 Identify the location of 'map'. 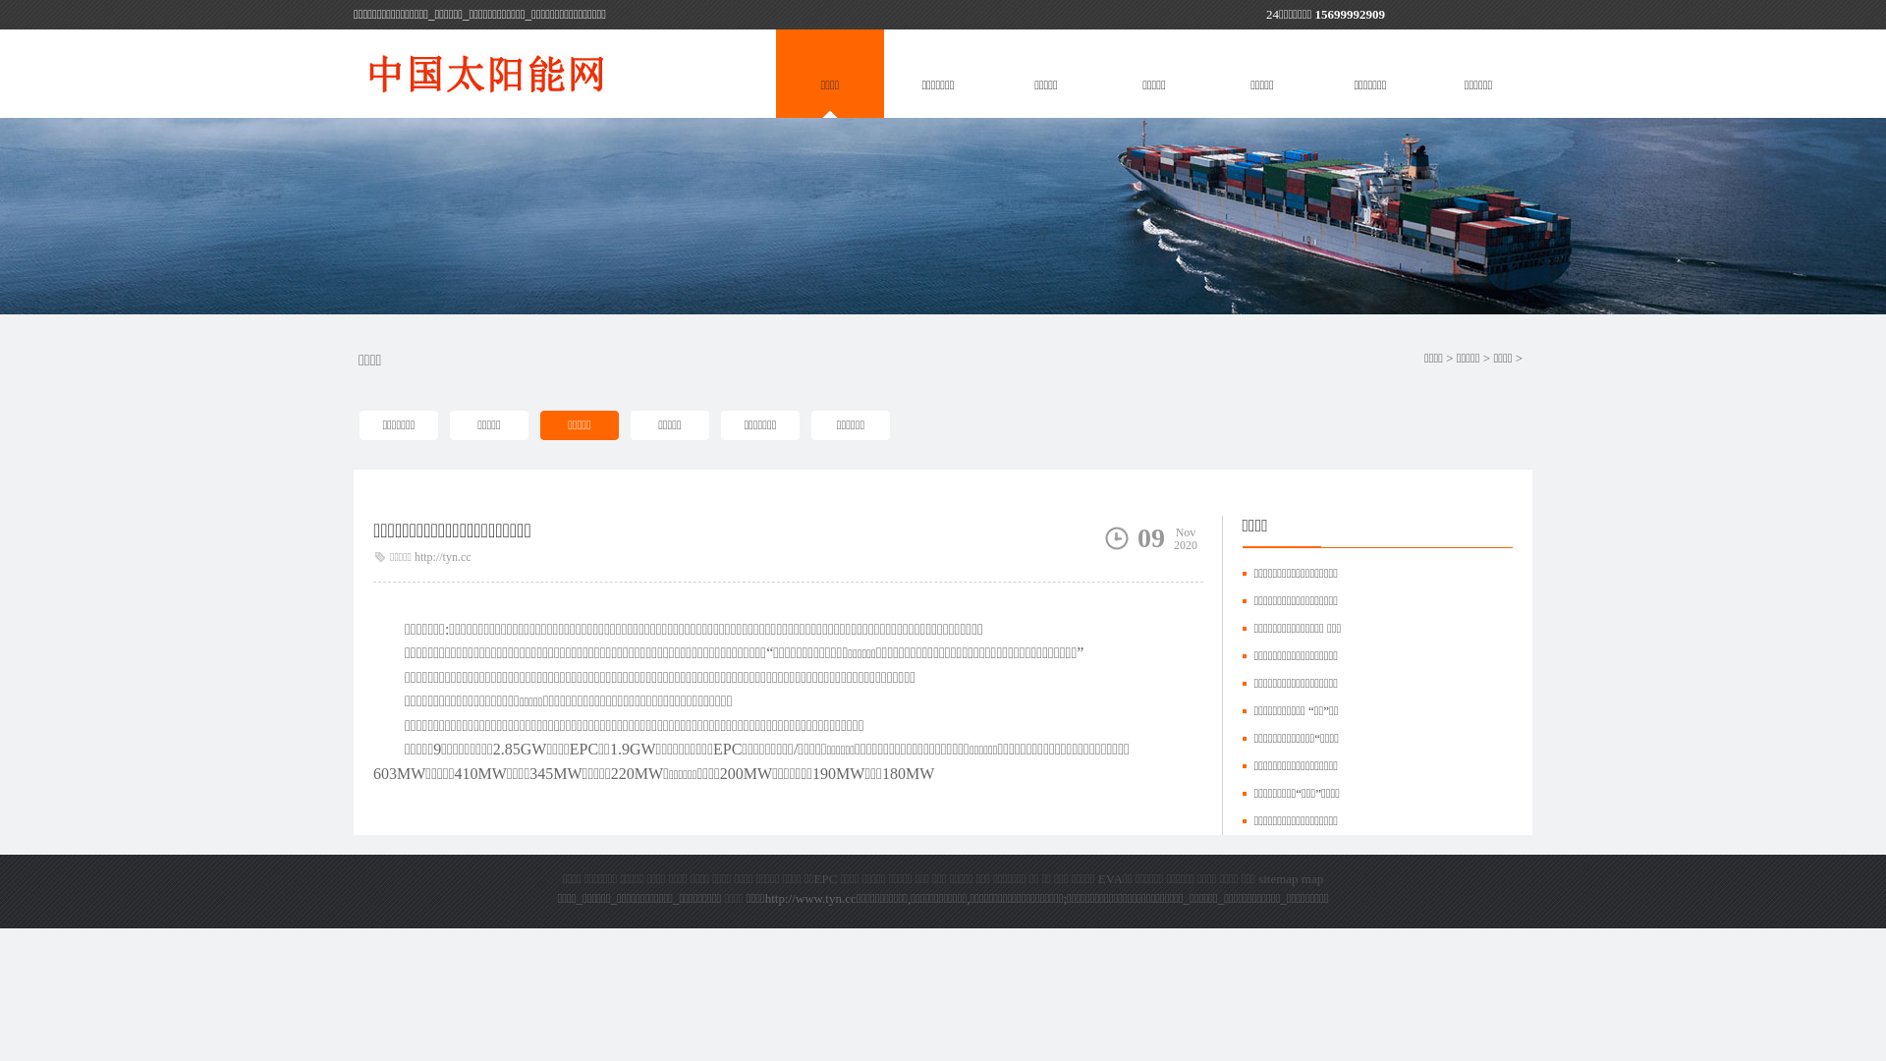
(1301, 877).